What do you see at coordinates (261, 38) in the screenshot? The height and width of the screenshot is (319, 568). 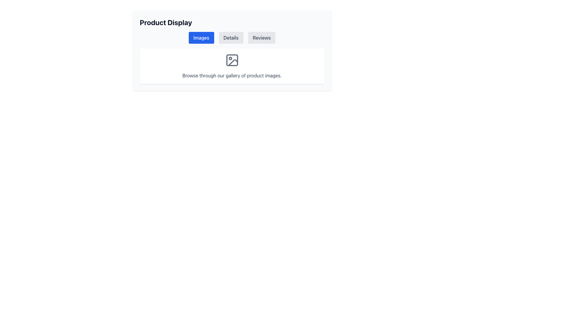 I see `the 'Reviews' button, which is the third button in a horizontal row of three buttons located in the upper section of the interface` at bounding box center [261, 38].